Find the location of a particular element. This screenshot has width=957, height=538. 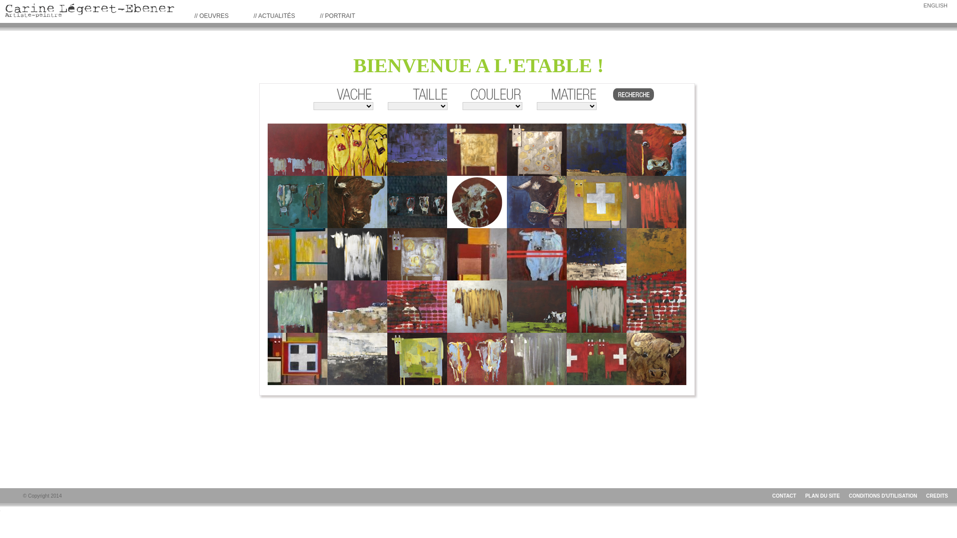

'CREDITS' is located at coordinates (925, 496).